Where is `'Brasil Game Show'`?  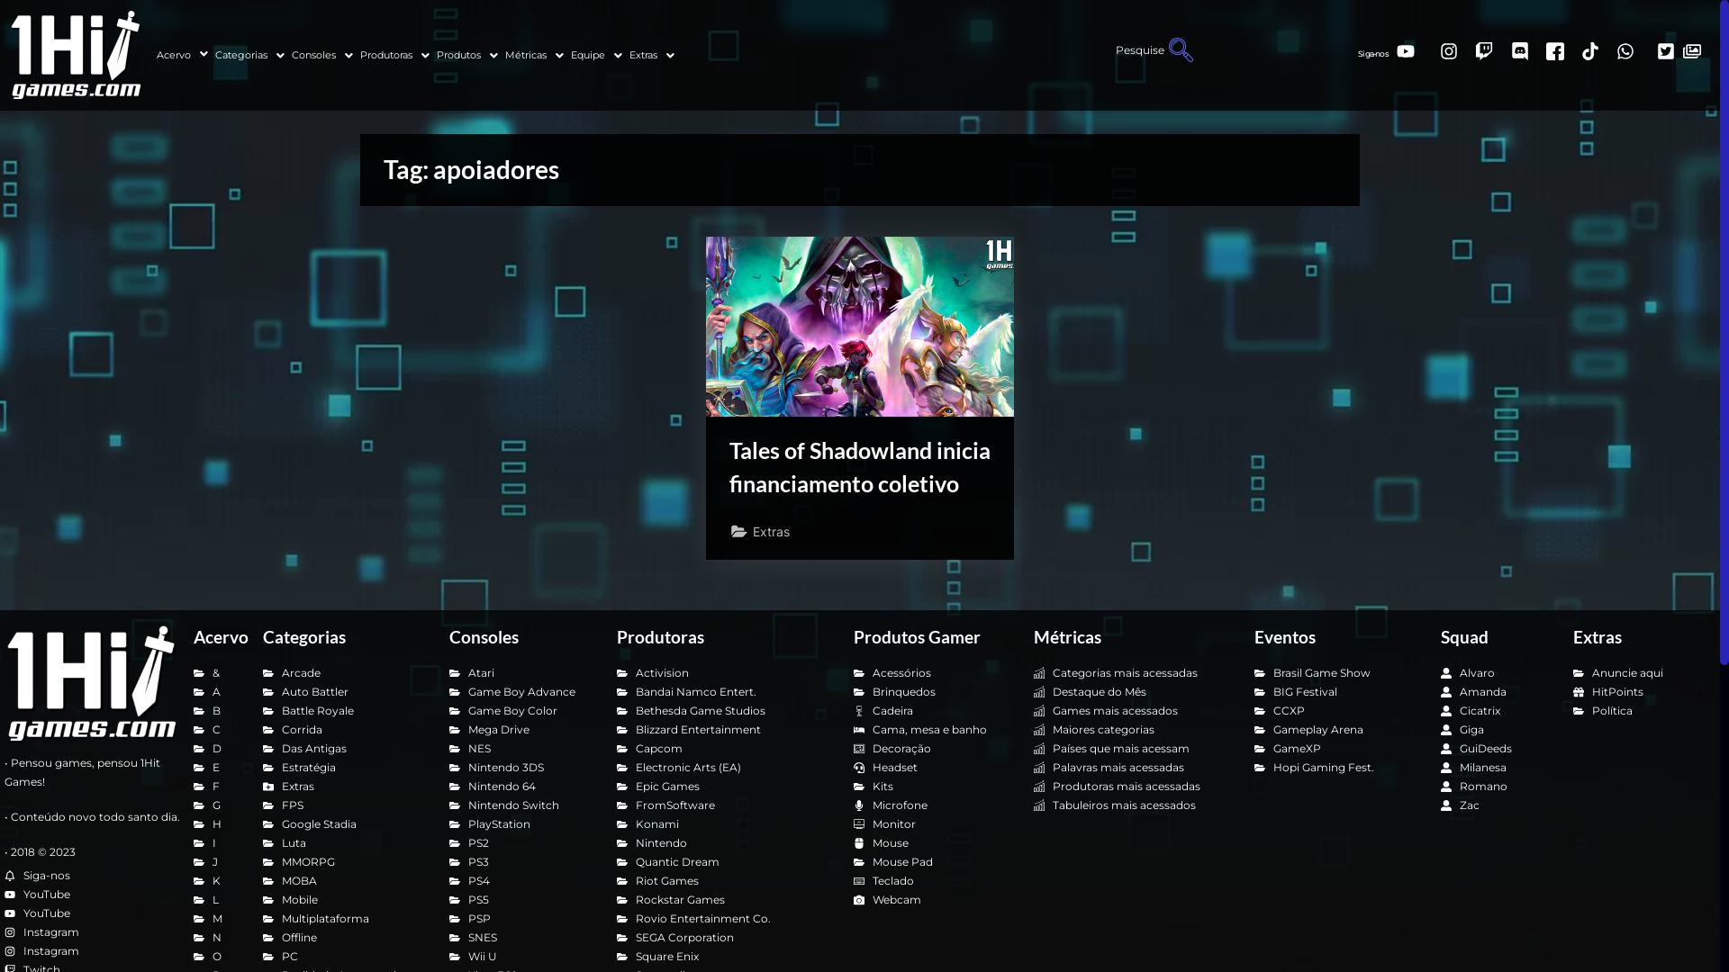 'Brasil Game Show' is located at coordinates (1338, 672).